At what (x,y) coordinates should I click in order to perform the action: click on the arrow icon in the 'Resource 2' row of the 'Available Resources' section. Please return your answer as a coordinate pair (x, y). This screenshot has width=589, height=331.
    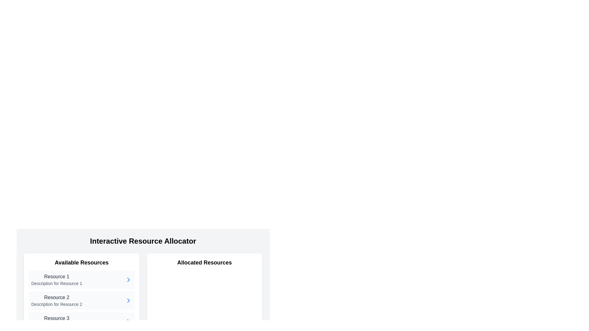
    Looking at the image, I should click on (128, 300).